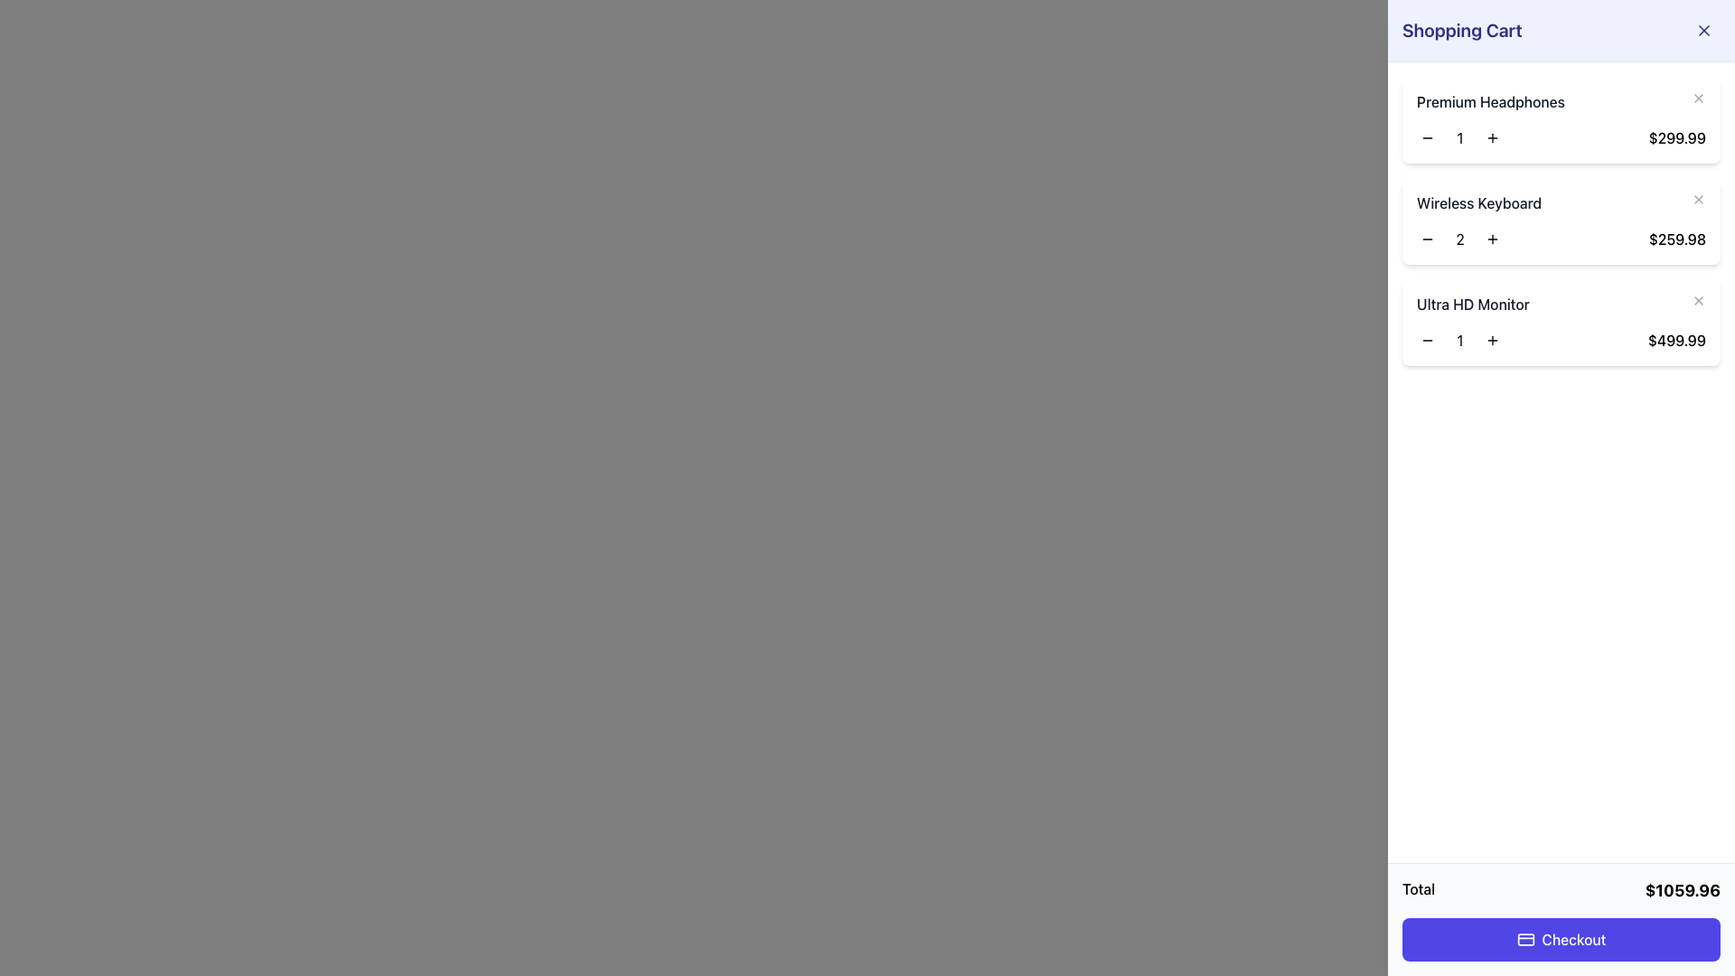 Image resolution: width=1735 pixels, height=976 pixels. What do you see at coordinates (1426, 341) in the screenshot?
I see `the decrement control button (minus icon) in the shopping cart UI for the 'Ultra HD Monitor'` at bounding box center [1426, 341].